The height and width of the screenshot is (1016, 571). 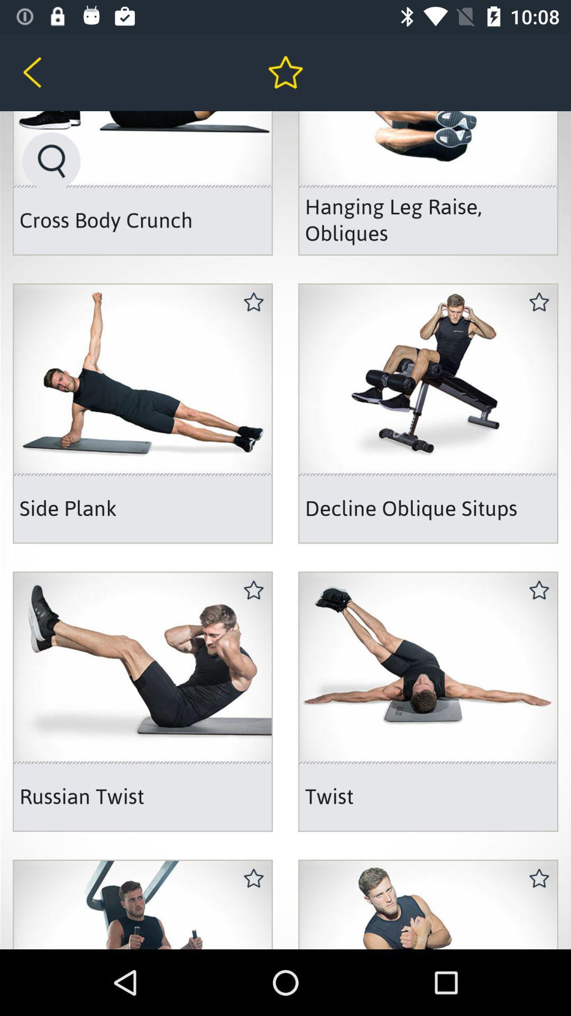 I want to click on the right second image, so click(x=143, y=413).